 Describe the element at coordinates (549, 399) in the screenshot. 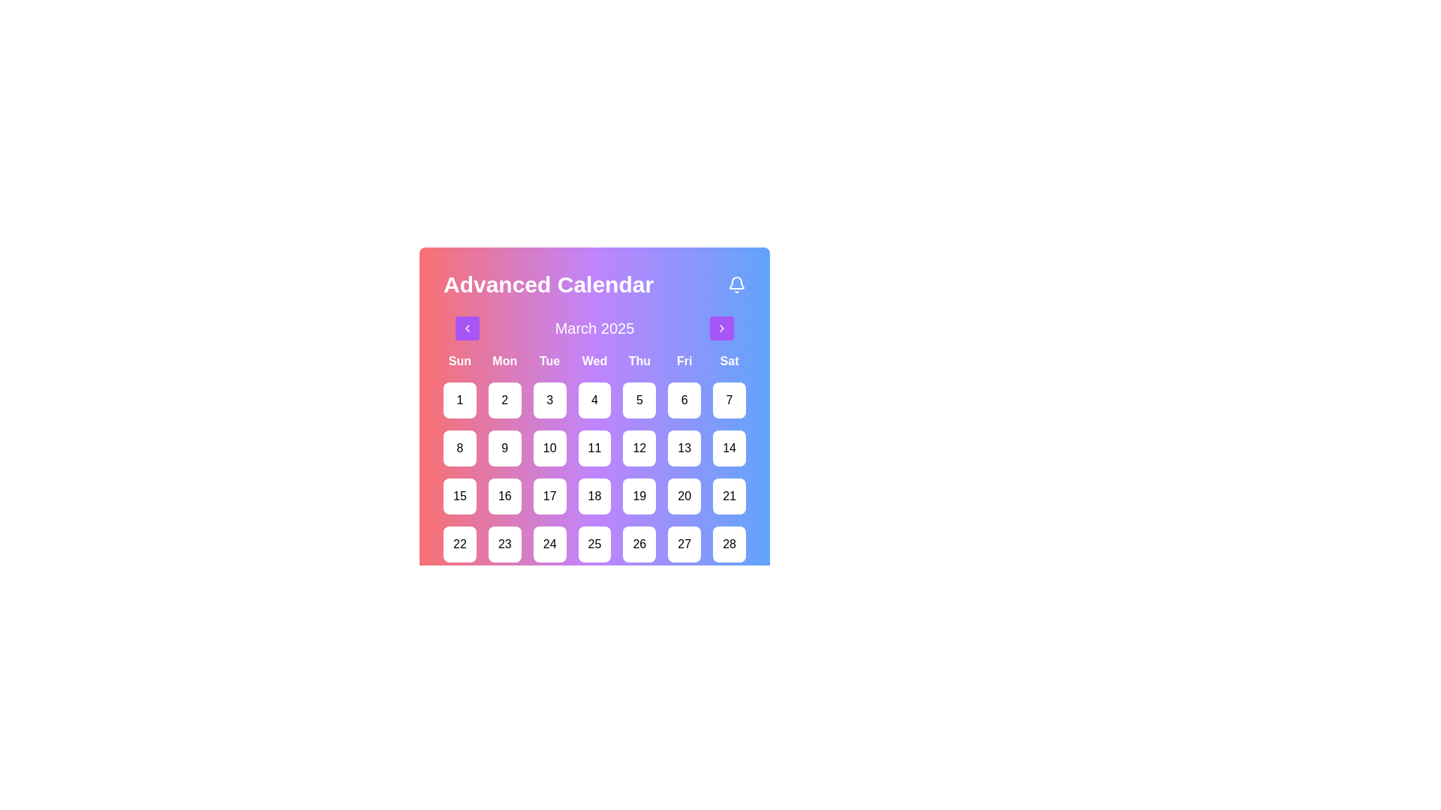

I see `the Date Tile displaying the number '3' located in the third column of the first row of the calendar, directly under 'Tue'` at that location.